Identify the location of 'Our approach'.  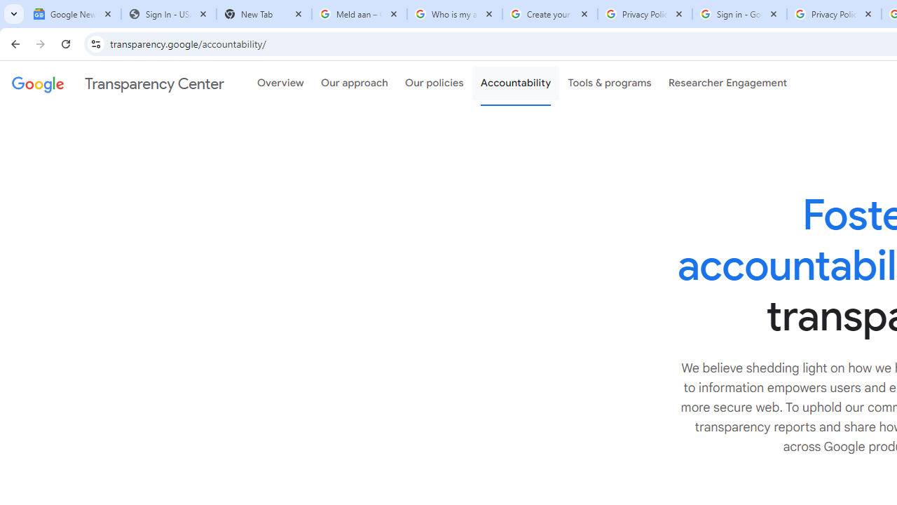
(355, 83).